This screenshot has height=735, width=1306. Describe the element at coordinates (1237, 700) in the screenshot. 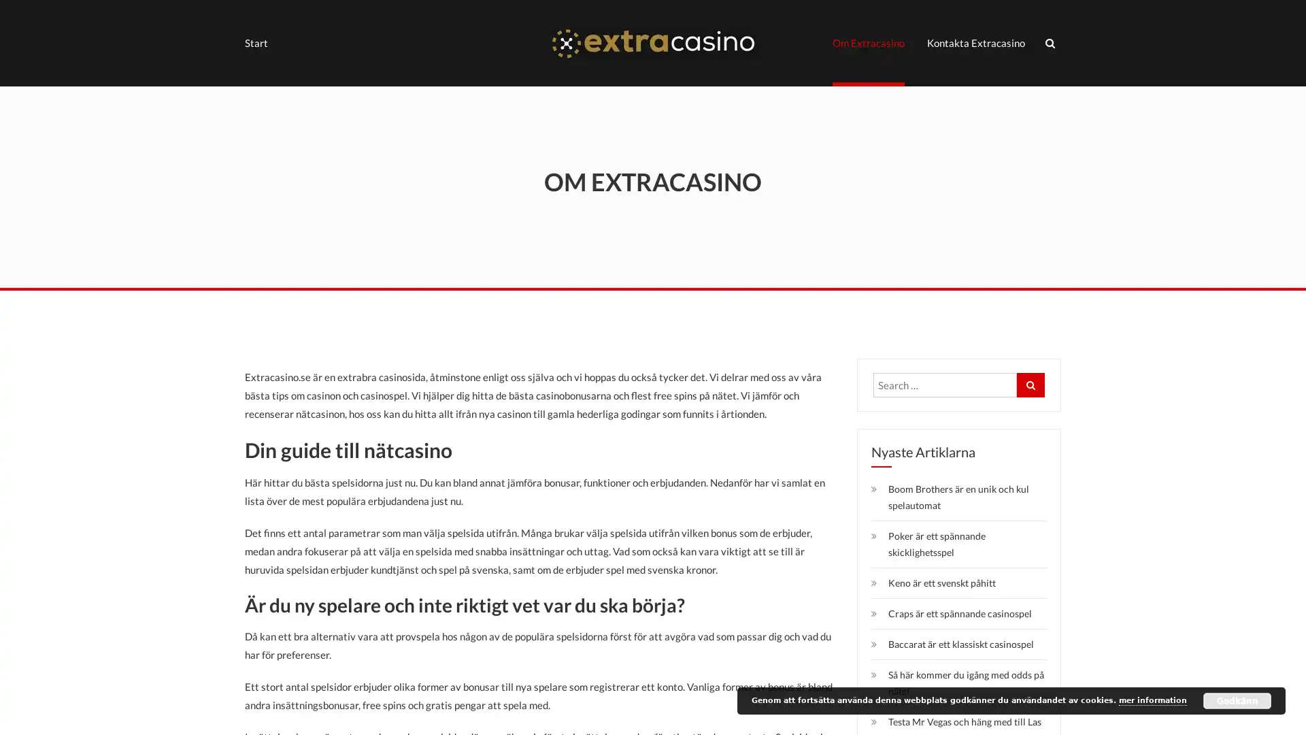

I see `Godkann` at that location.